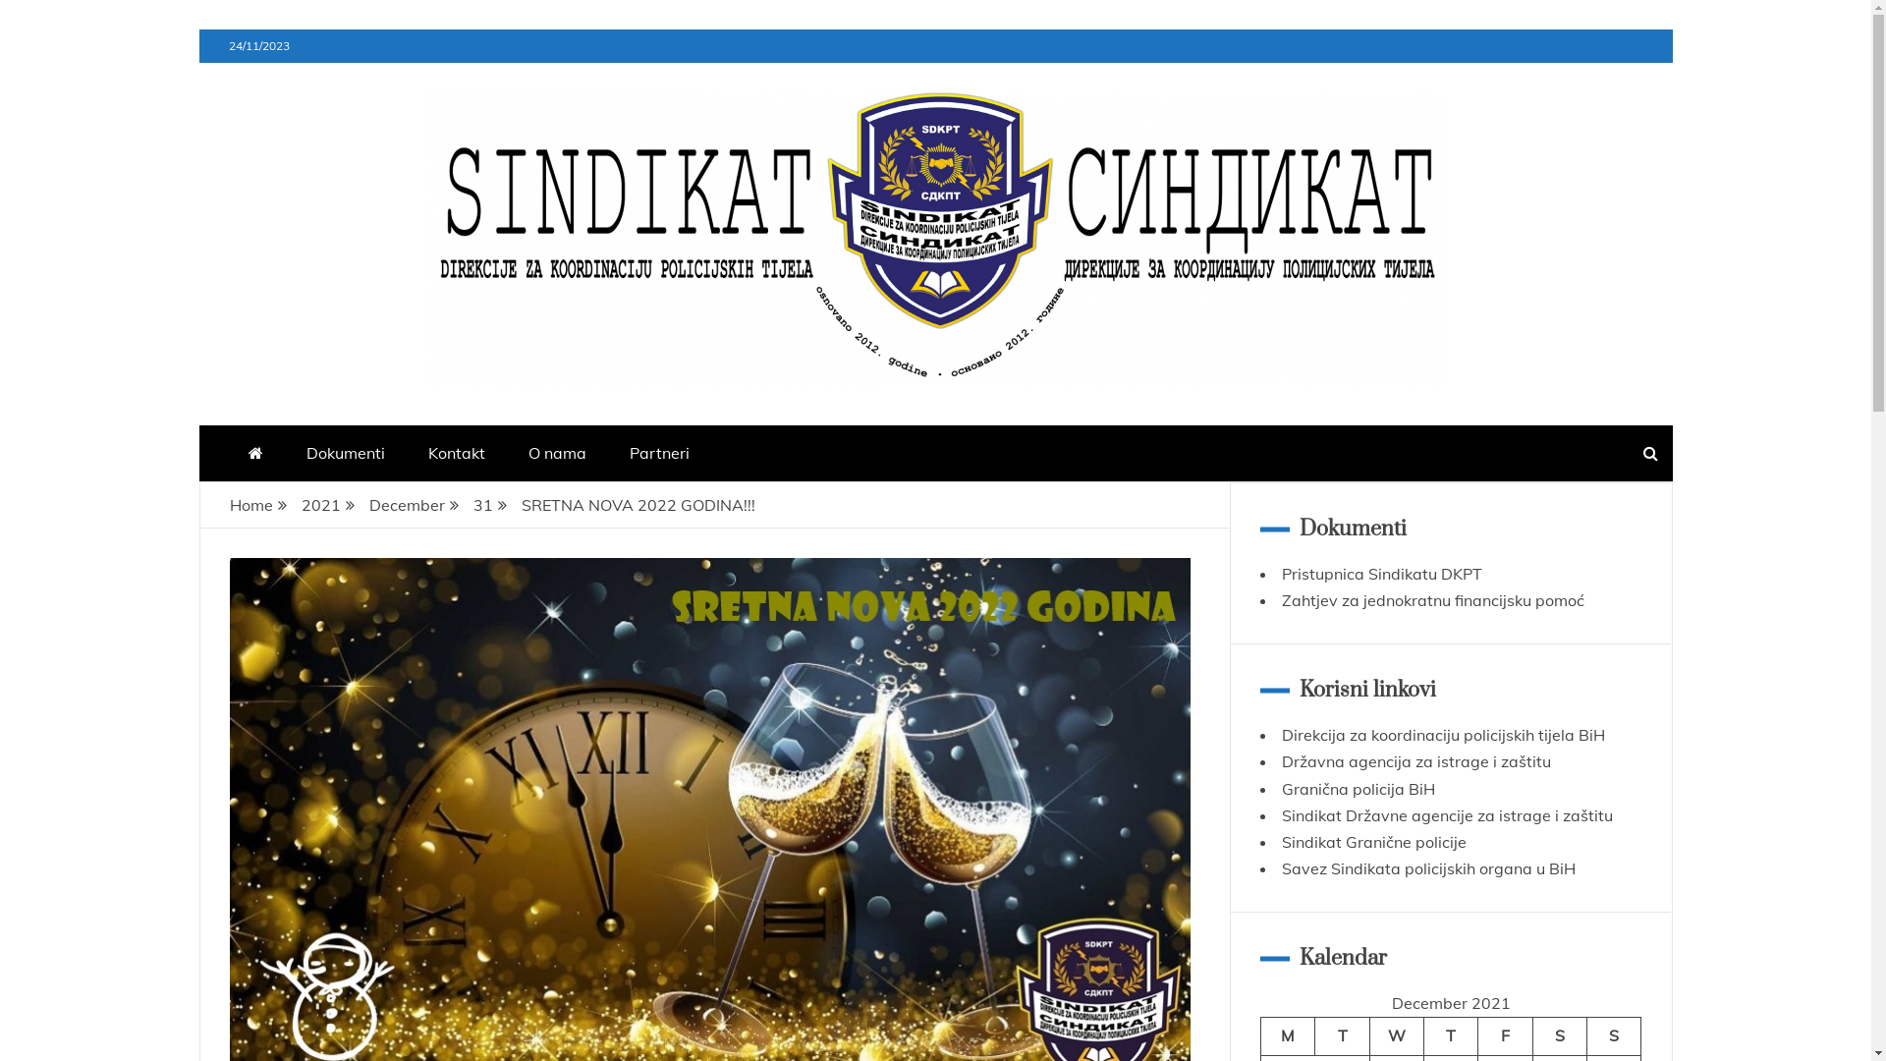 The height and width of the screenshot is (1061, 1886). What do you see at coordinates (286, 453) in the screenshot?
I see `'Dokumenti'` at bounding box center [286, 453].